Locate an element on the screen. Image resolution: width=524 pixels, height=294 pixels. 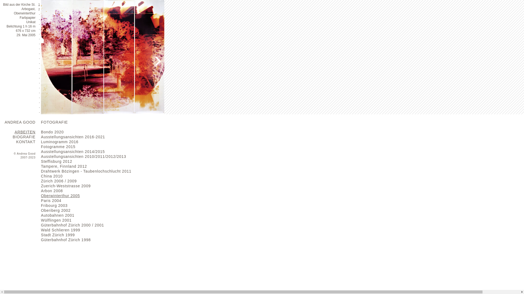
'KONTAKT' is located at coordinates (25, 141).